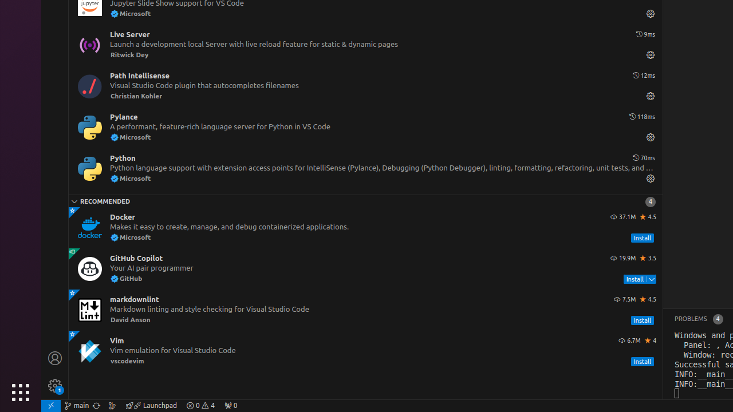  Describe the element at coordinates (365, 44) in the screenshot. I see `'Live Server, 5.7.9, Publisher Ritwick Dey, Launch a development local Server with live reload feature for static & dynamic pages , Rated 4.37 out of 5 stars by 491 users'` at that location.